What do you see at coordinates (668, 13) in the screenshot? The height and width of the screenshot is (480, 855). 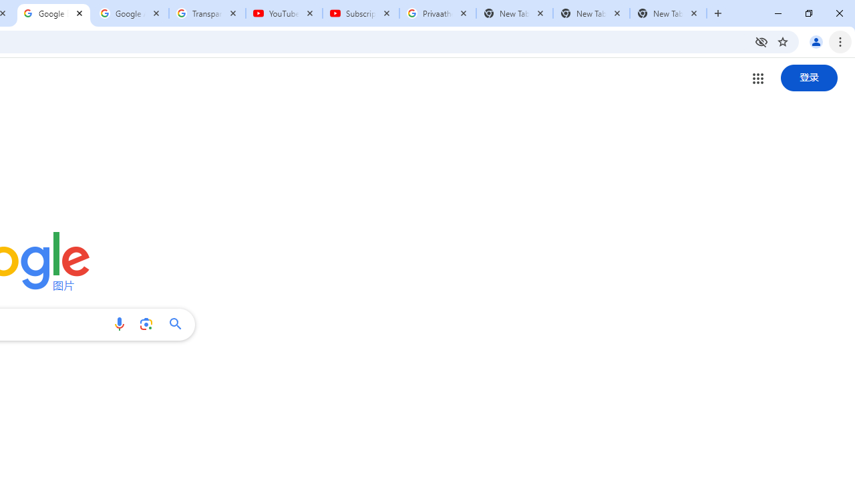 I see `'New Tab'` at bounding box center [668, 13].